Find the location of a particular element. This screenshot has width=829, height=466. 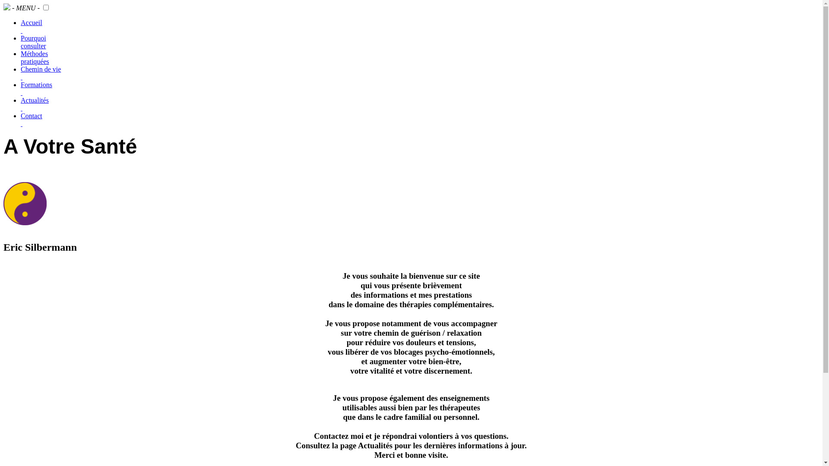

'Chemin de vie is located at coordinates (21, 72).